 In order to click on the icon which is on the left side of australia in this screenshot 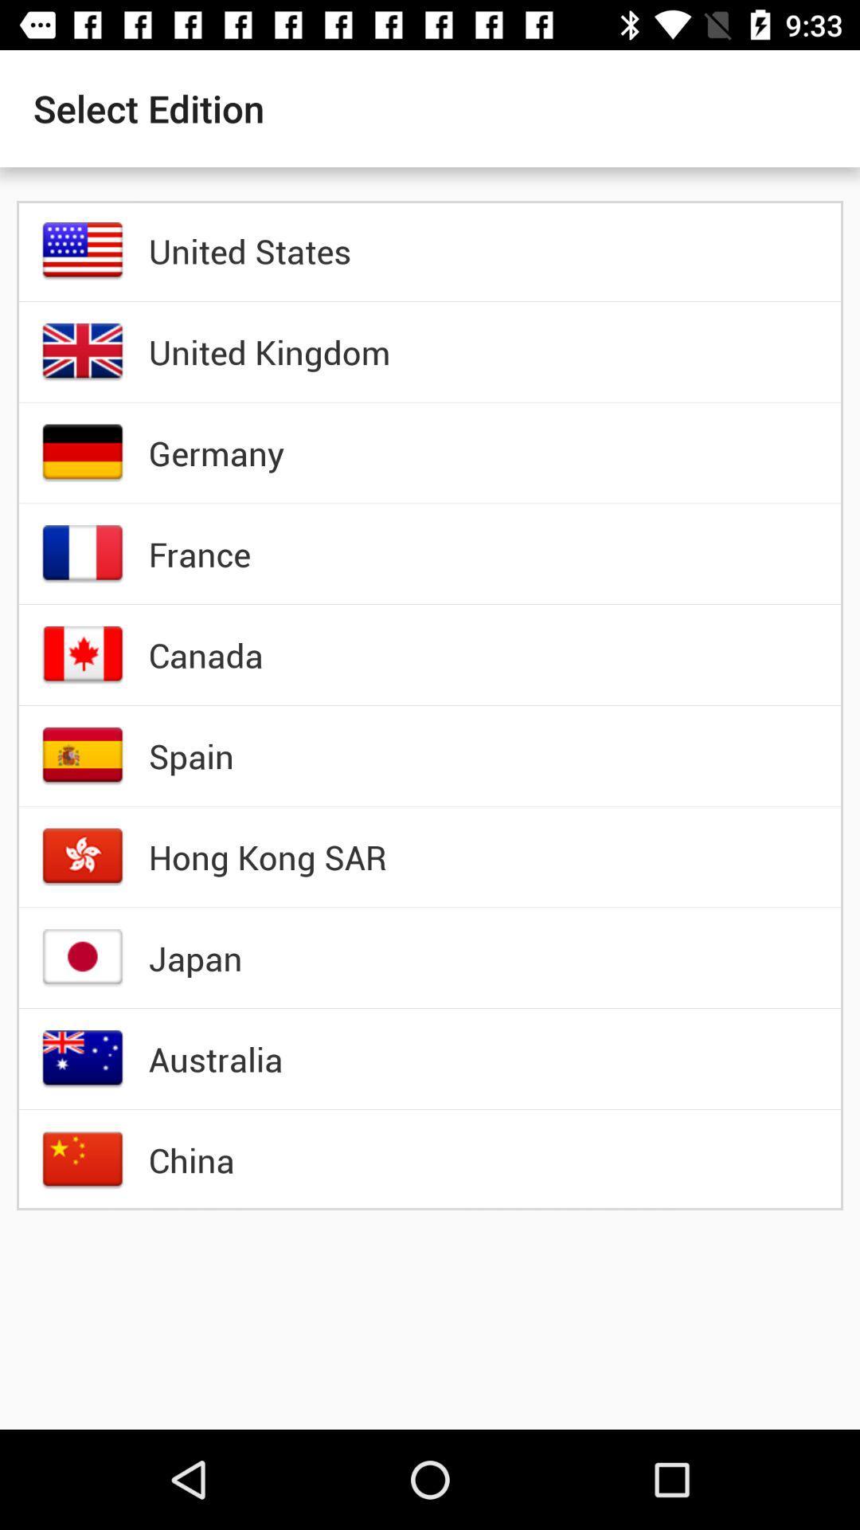, I will do `click(83, 1059)`.